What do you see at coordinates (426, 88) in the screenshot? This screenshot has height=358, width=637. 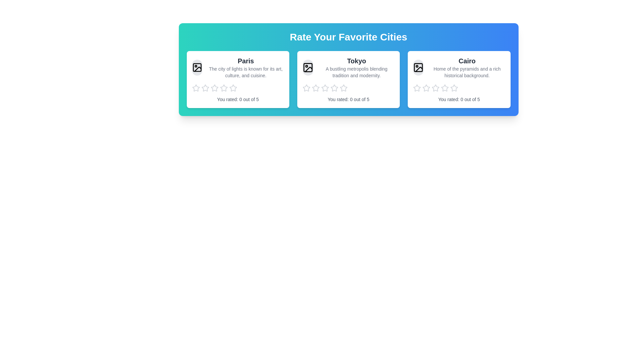 I see `the second star-shaped rating icon under the title 'Cairo' for keyboard interaction` at bounding box center [426, 88].